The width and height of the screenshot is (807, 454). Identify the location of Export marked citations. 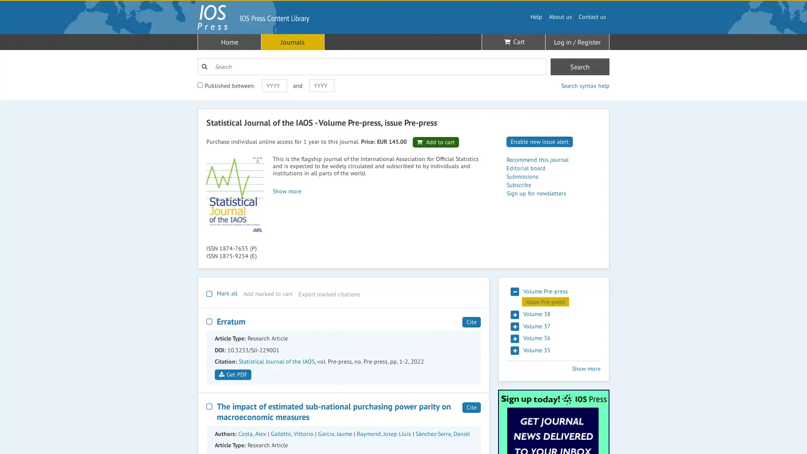
(329, 293).